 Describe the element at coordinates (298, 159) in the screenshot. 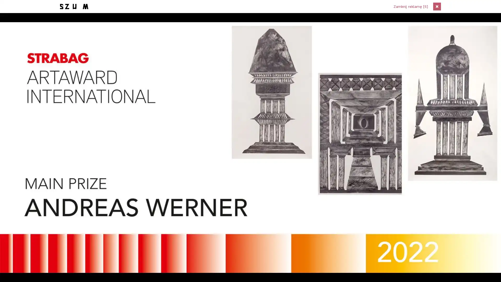

I see `Zapisz sie` at that location.